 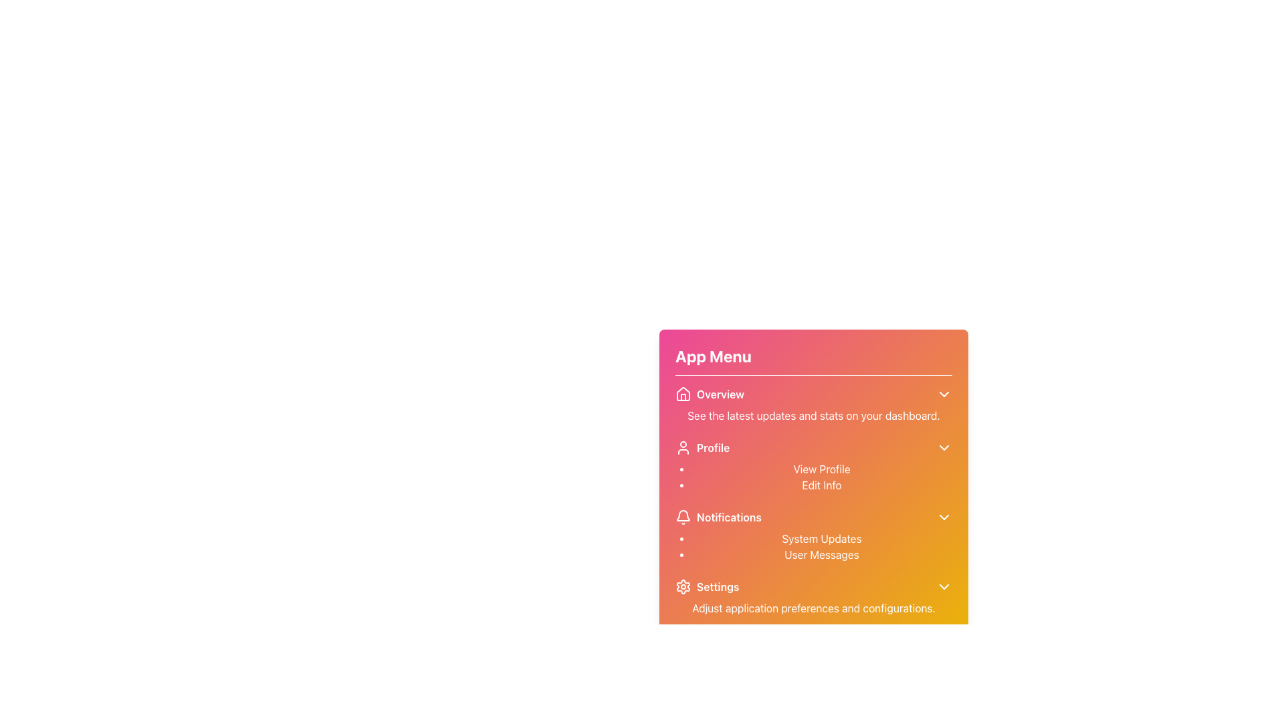 I want to click on the chevron icon button, so click(x=943, y=586).